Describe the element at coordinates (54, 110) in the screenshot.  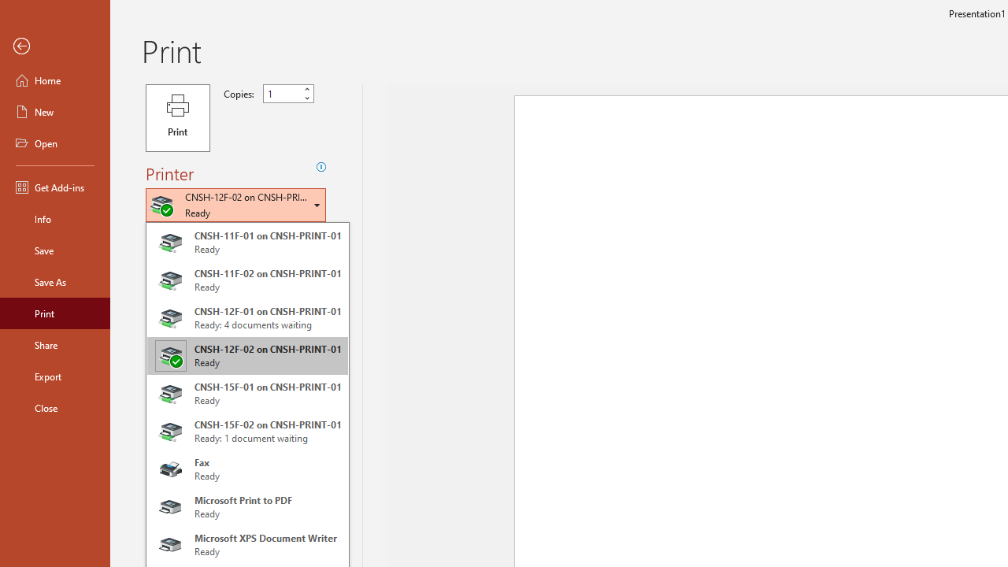
I see `'New'` at that location.